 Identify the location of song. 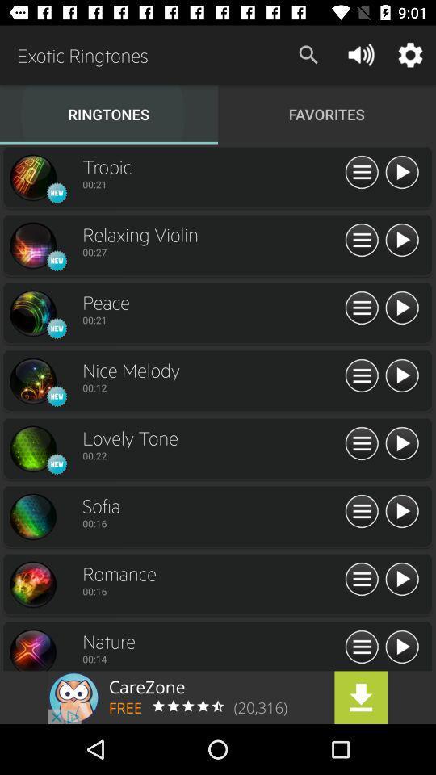
(400, 647).